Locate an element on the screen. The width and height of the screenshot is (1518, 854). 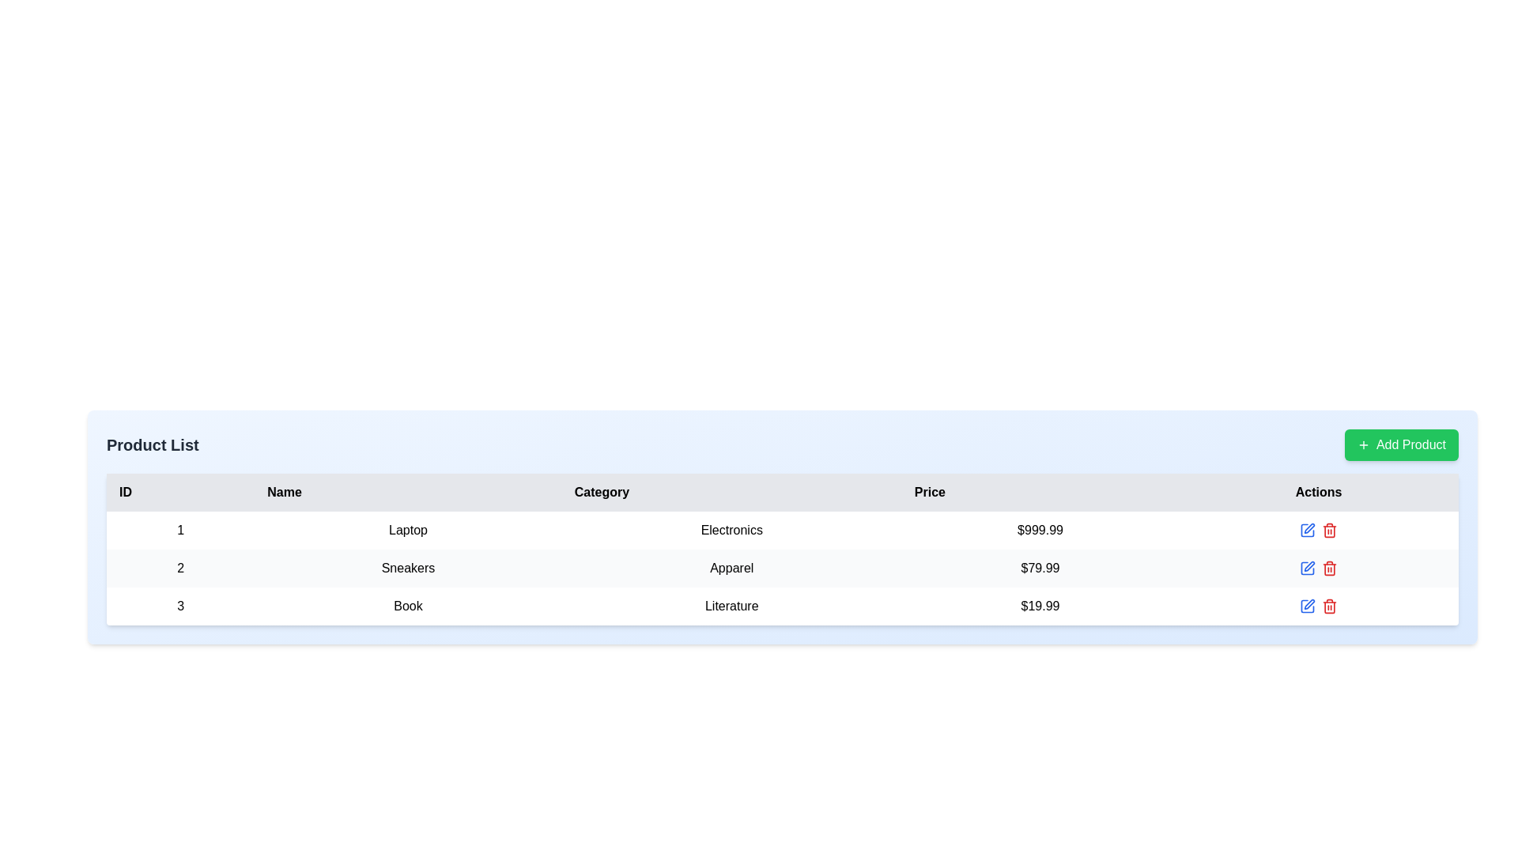
the text display cell located in the first column of the third row in the 'Product List' table, which shows the index or identifier for the item is located at coordinates (180, 606).